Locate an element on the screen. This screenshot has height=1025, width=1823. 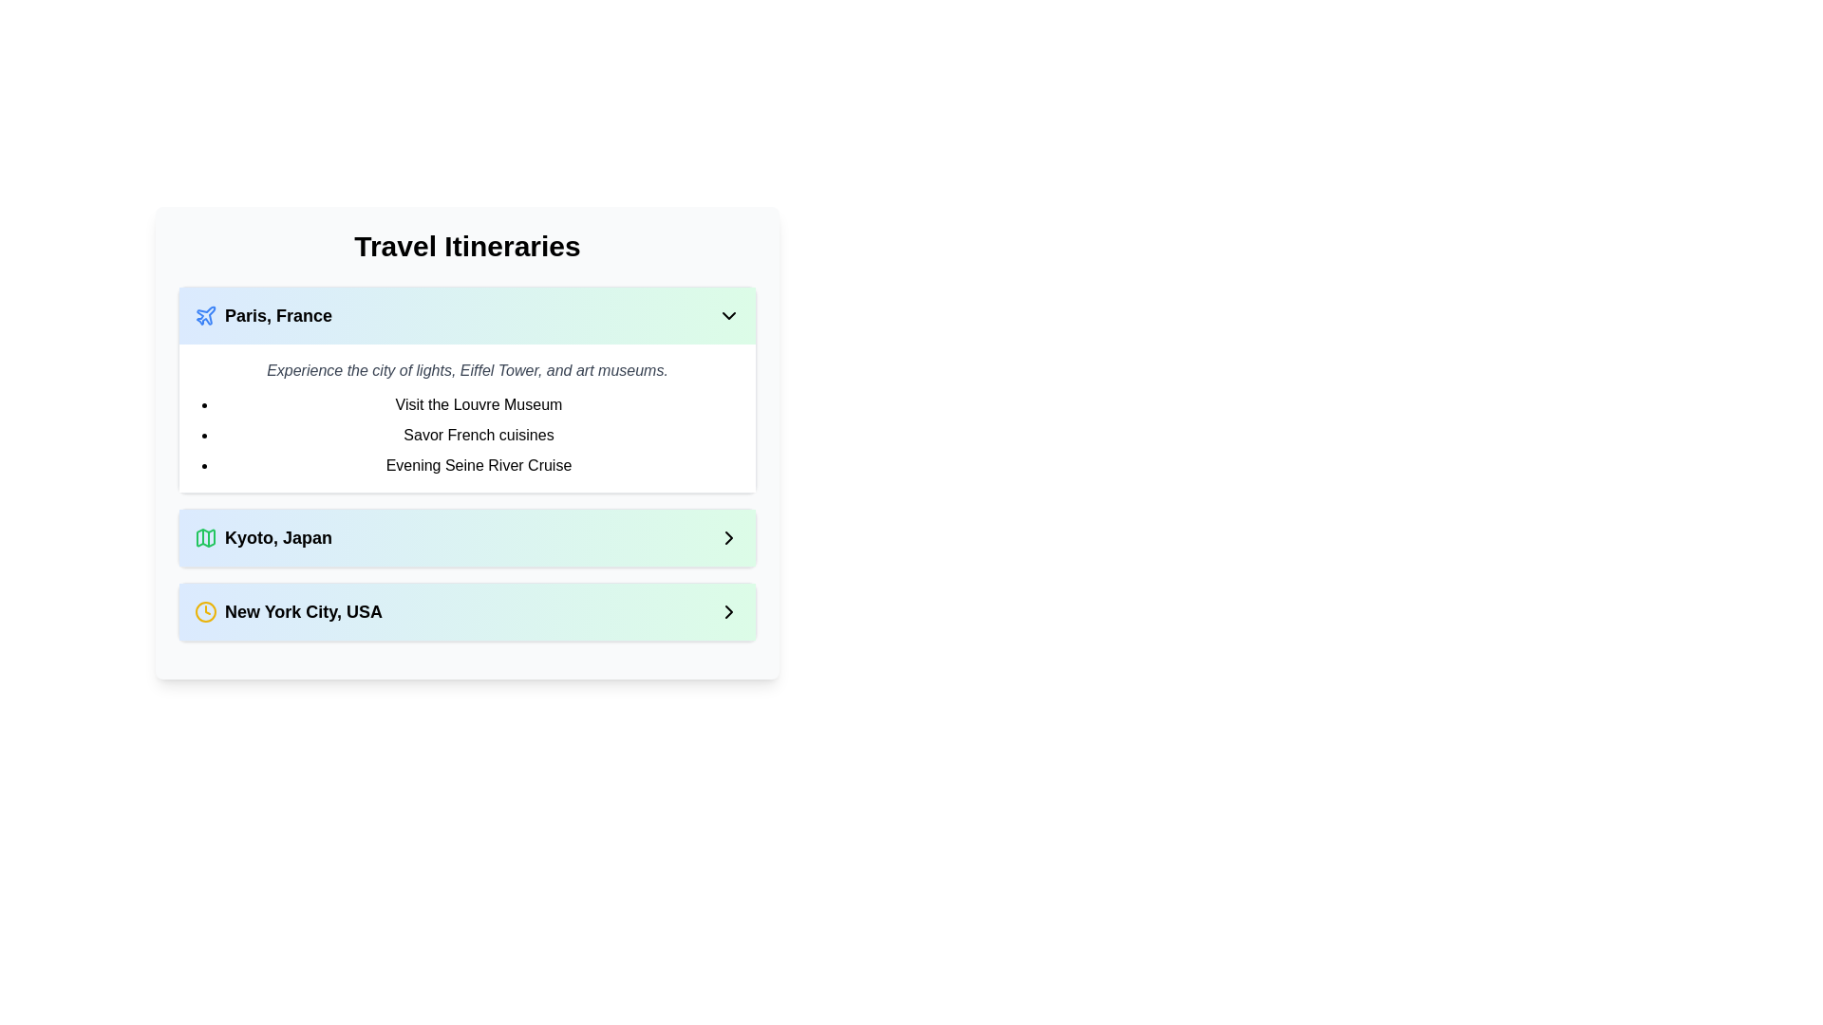
the text label element displaying 'Visit the Louvre Museum' in a bulleted list under 'Paris, France' in the 'Travel Itineraries' panel is located at coordinates (479, 404).